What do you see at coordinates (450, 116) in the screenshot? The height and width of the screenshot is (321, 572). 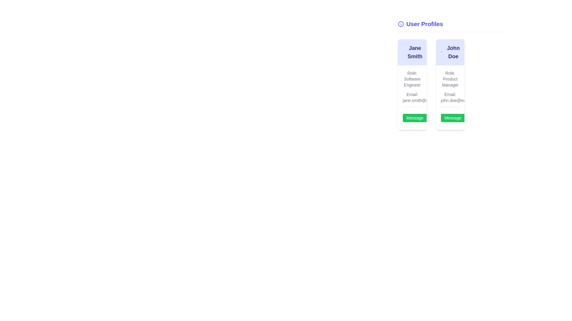 I see `the 'Message' button, which has white text on a green background and is located below the email 'john.doe@example.com' in John Doe's profile card` at bounding box center [450, 116].